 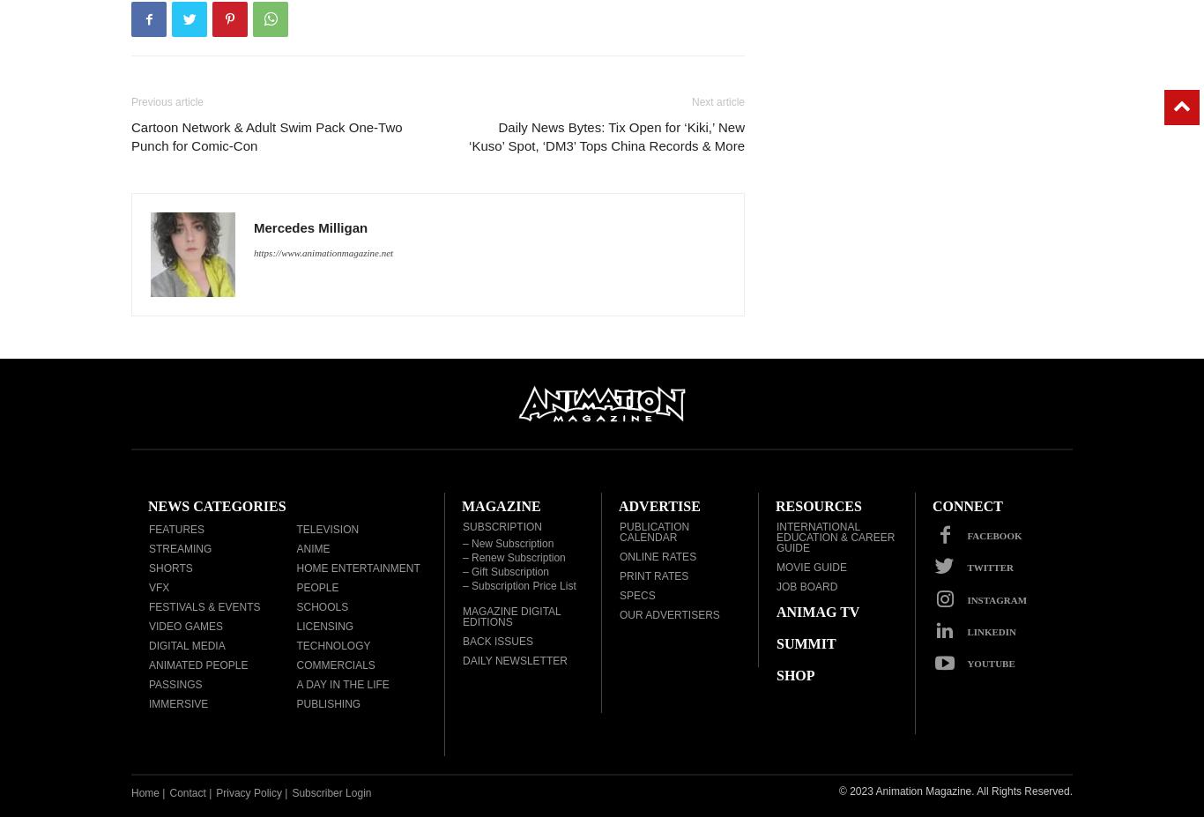 I want to click on 'Movie Guide', so click(x=811, y=566).